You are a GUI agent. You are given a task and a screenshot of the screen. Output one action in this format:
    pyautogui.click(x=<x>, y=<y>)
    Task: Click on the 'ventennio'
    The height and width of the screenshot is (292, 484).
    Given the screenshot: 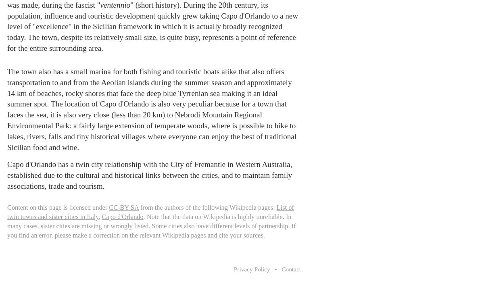 What is the action you would take?
    pyautogui.click(x=115, y=4)
    